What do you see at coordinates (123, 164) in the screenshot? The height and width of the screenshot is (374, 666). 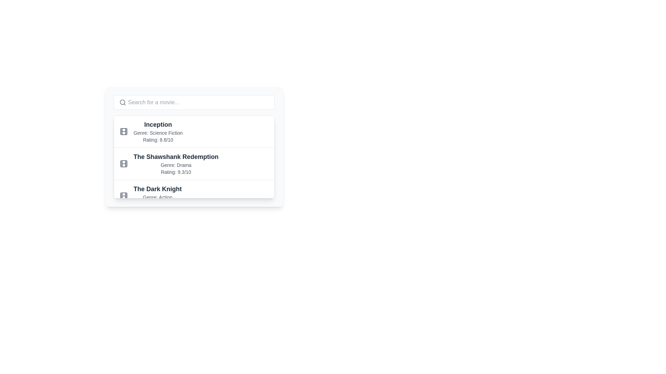 I see `the movie icon representing 'The Shawshank Redemption' located on the left side of its text content in the movie list` at bounding box center [123, 164].